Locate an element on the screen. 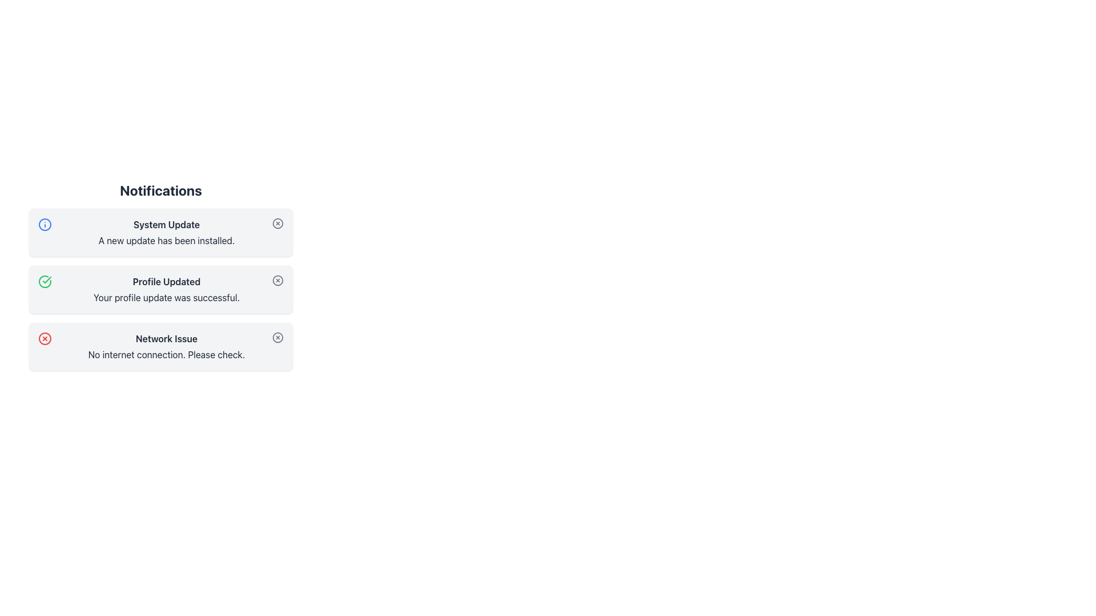 The image size is (1096, 616). the Notification card that informs the user about system updates, which is the first item in the vertical list of notifications is located at coordinates (160, 232).